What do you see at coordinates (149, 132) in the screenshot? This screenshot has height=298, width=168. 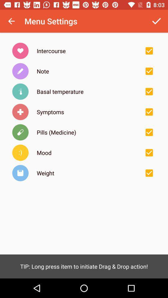 I see `pills` at bounding box center [149, 132].